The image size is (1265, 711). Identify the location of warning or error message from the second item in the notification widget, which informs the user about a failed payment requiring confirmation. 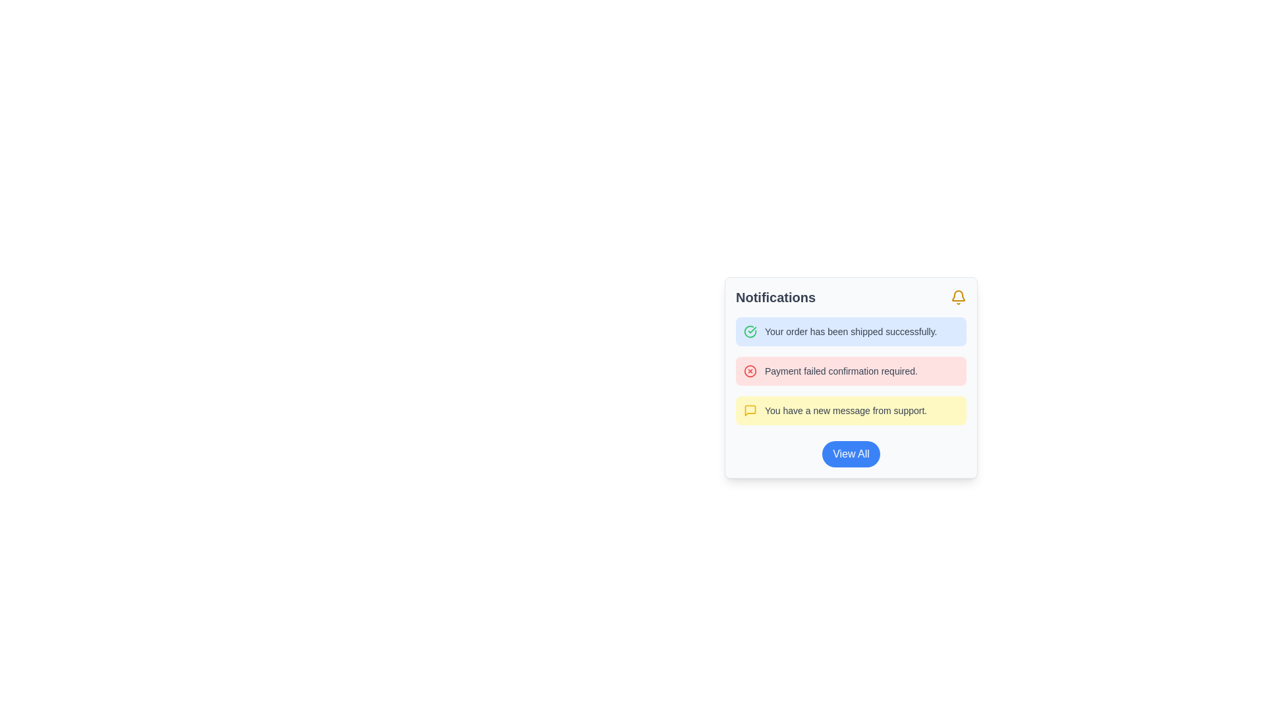
(840, 371).